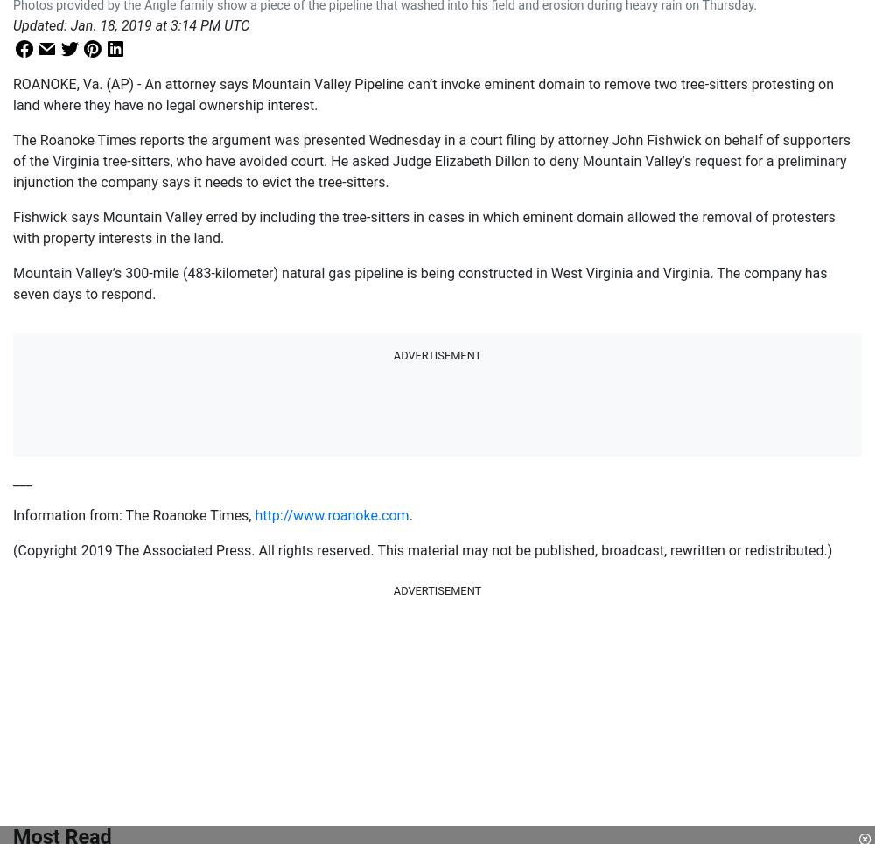 This screenshot has width=875, height=844. Describe the element at coordinates (408, 515) in the screenshot. I see `'.'` at that location.